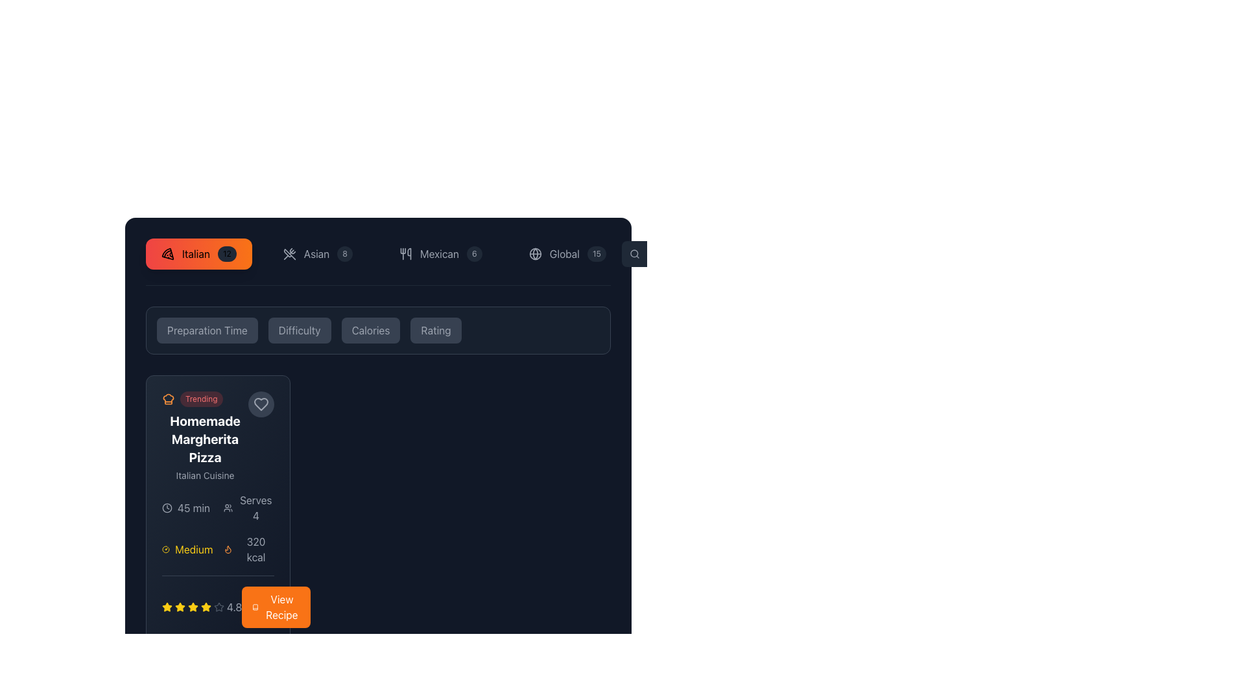 The height and width of the screenshot is (700, 1245). Describe the element at coordinates (439, 254) in the screenshot. I see `the 'Mexican' text label in the horizontal navigation bar` at that location.